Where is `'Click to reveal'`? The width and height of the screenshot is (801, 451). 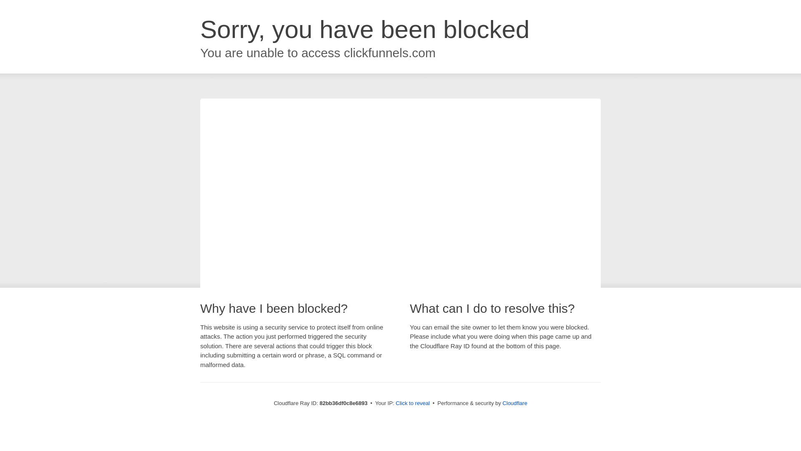
'Click to reveal' is located at coordinates (413, 403).